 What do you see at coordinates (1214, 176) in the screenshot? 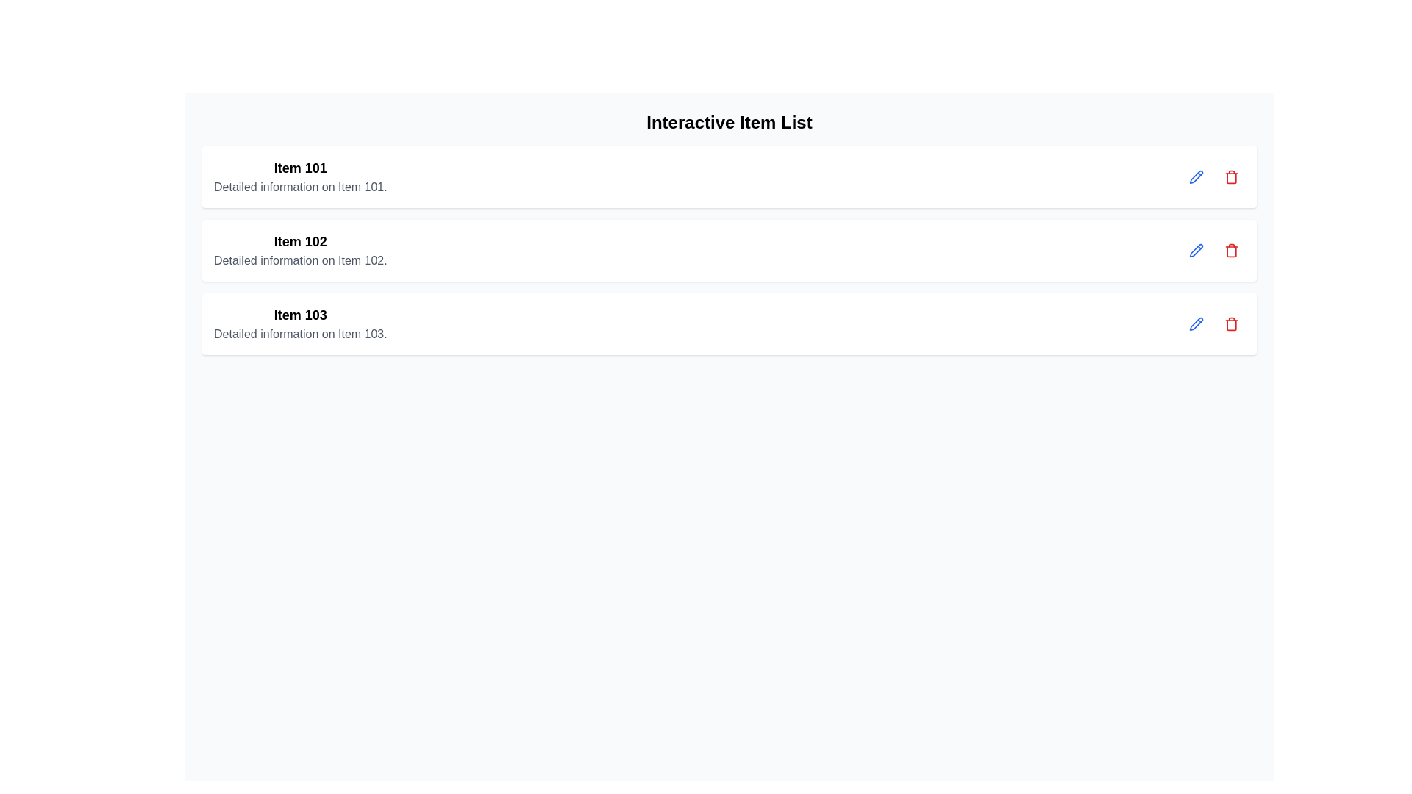
I see `the red trash bin icon in the Interactive buttons group` at bounding box center [1214, 176].